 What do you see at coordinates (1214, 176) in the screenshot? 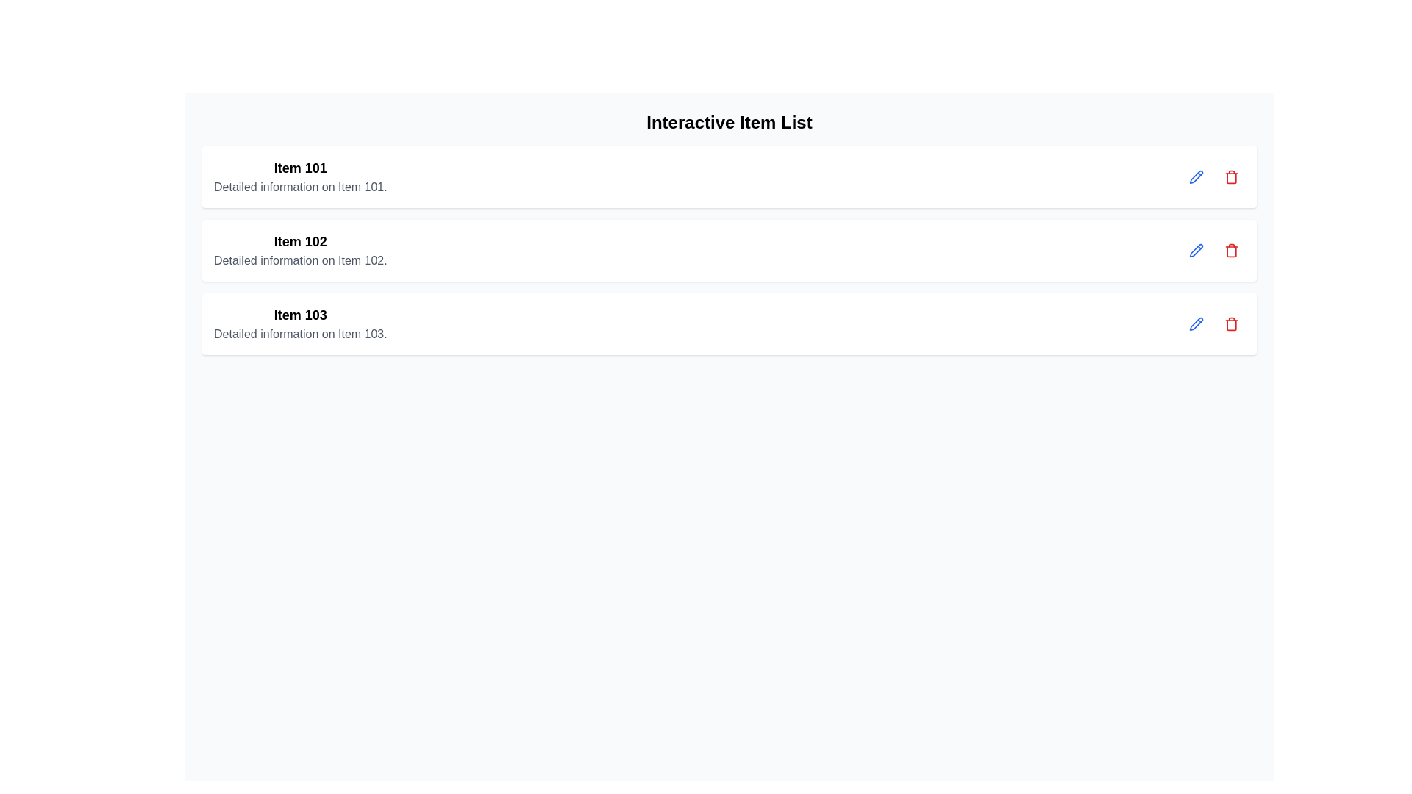
I see `the red trash bin icon in the Interactive buttons group` at bounding box center [1214, 176].